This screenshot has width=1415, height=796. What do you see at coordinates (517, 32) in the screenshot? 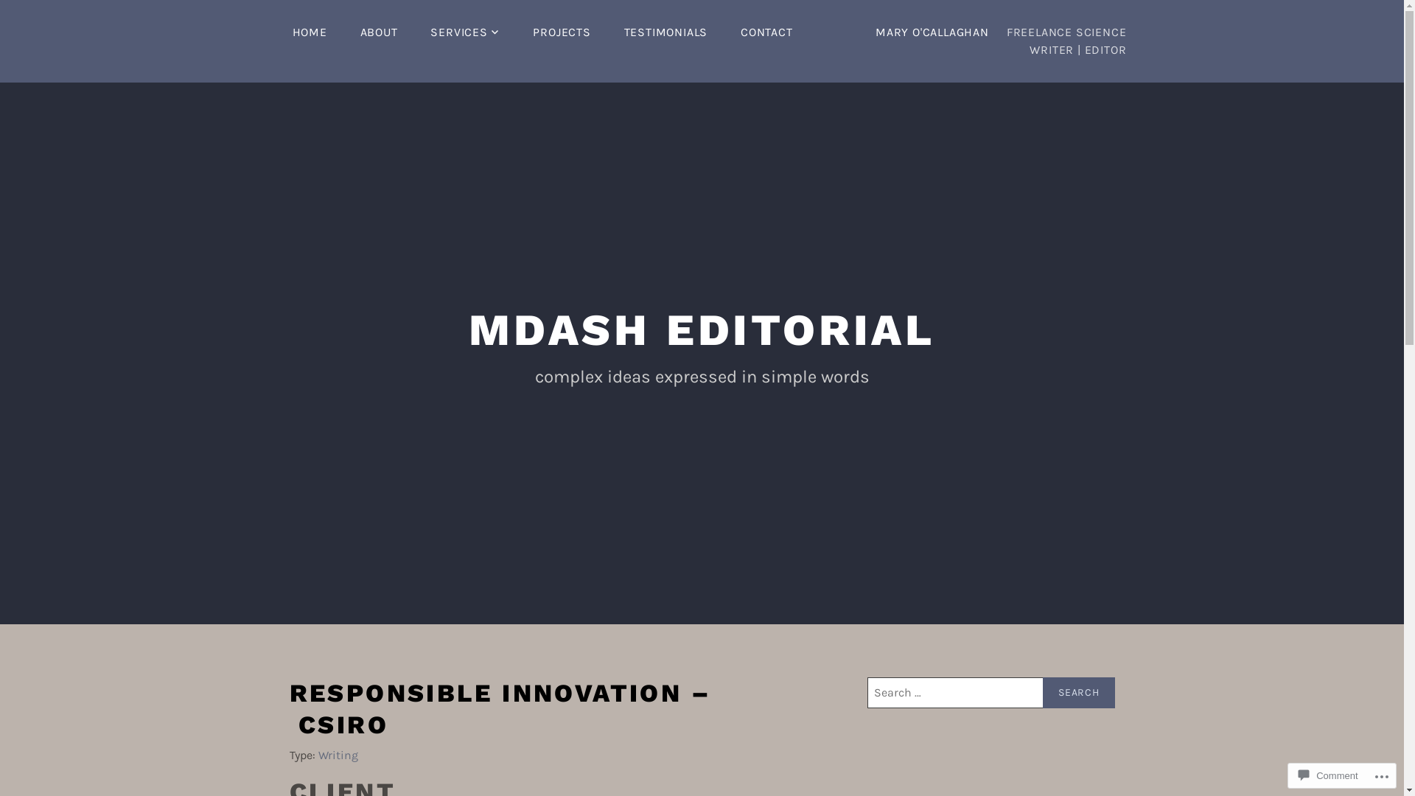
I see `'PROJECTS'` at bounding box center [517, 32].